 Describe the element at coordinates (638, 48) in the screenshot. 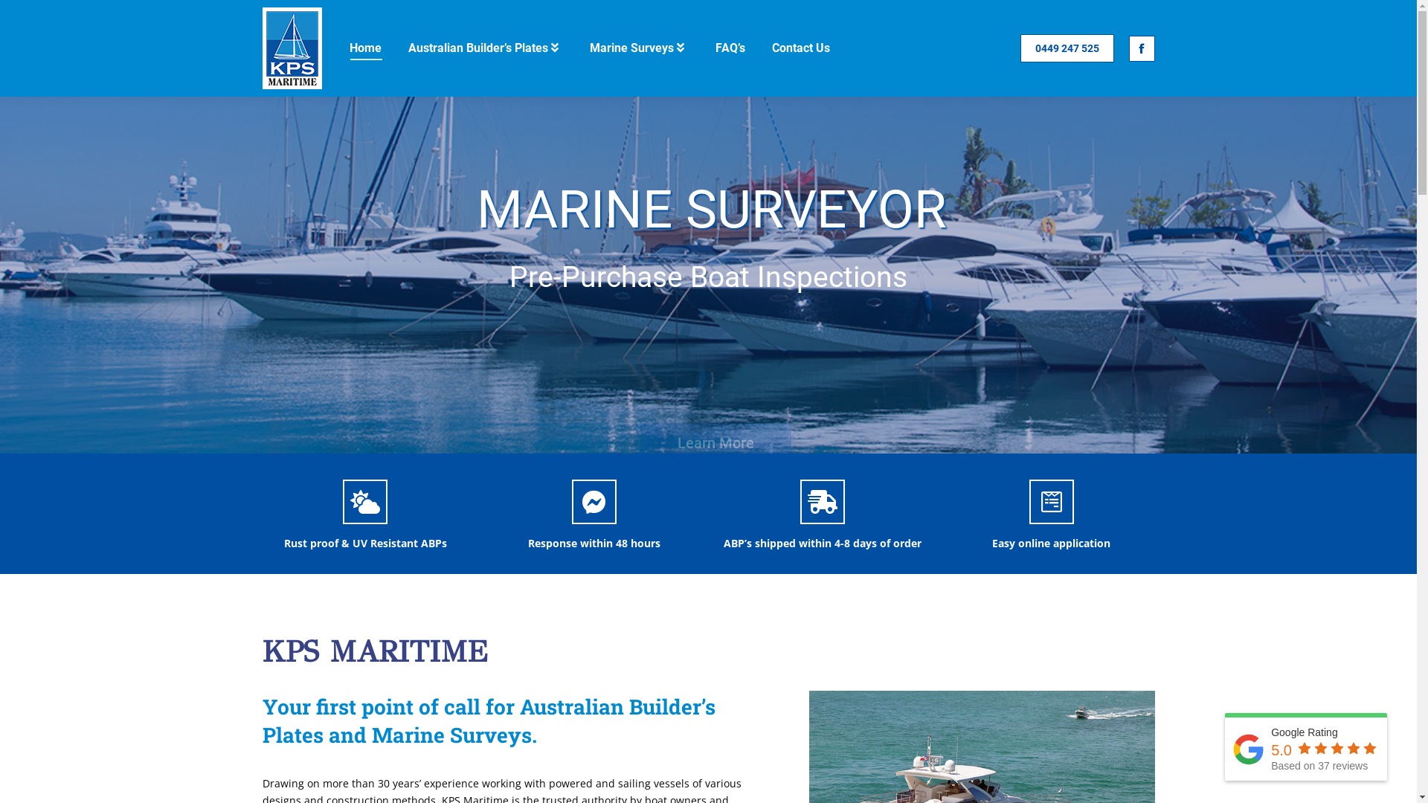

I see `'Marine Surveys'` at that location.